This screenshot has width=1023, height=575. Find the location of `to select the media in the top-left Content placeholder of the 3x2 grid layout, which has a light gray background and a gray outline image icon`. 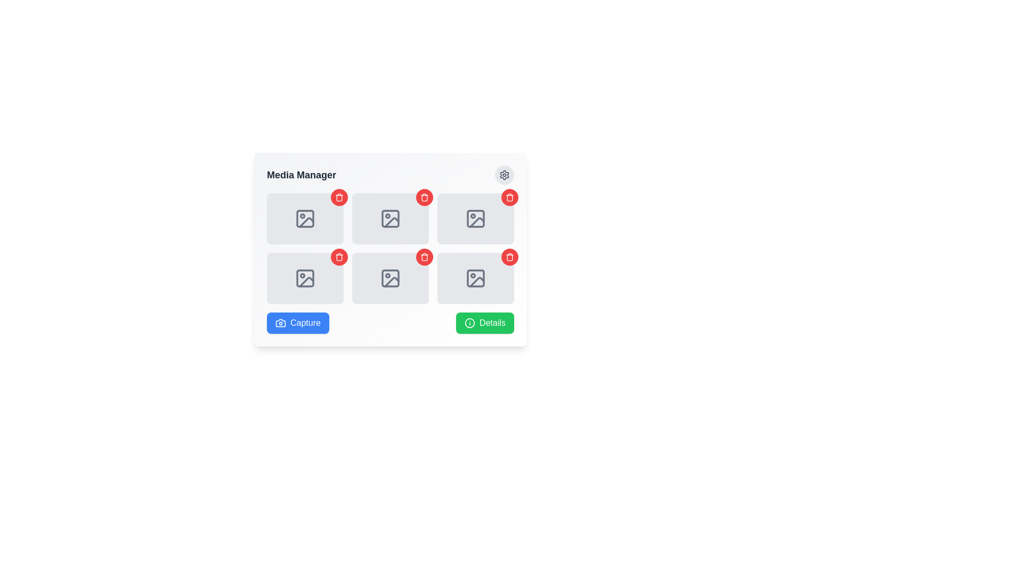

to select the media in the top-left Content placeholder of the 3x2 grid layout, which has a light gray background and a gray outline image icon is located at coordinates (304, 218).